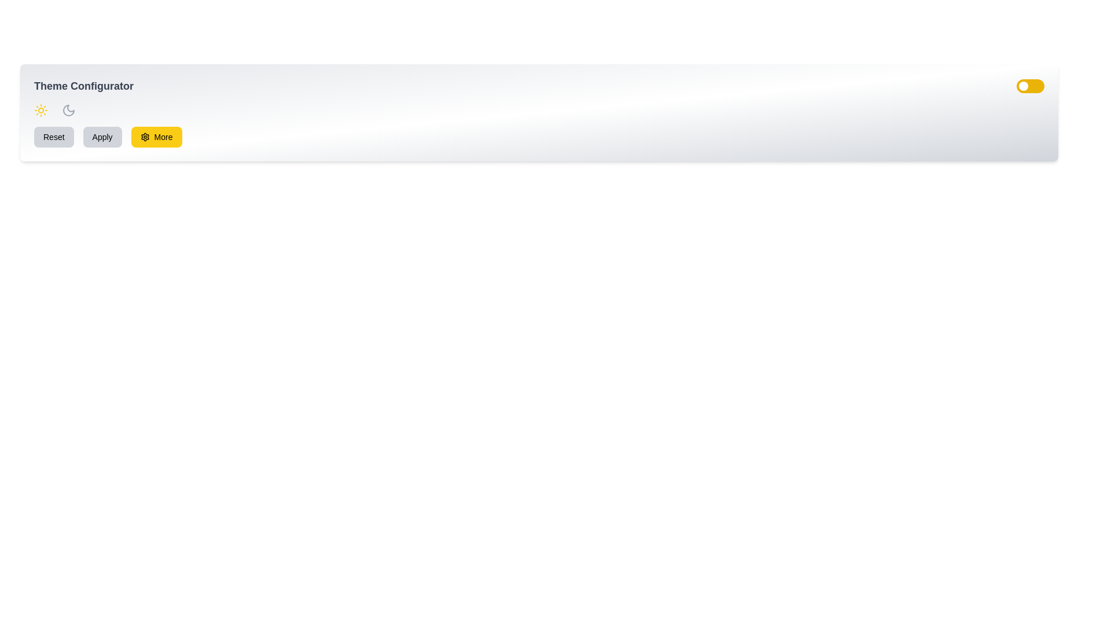 The image size is (1111, 625). What do you see at coordinates (1027, 86) in the screenshot?
I see `the toggle switch` at bounding box center [1027, 86].